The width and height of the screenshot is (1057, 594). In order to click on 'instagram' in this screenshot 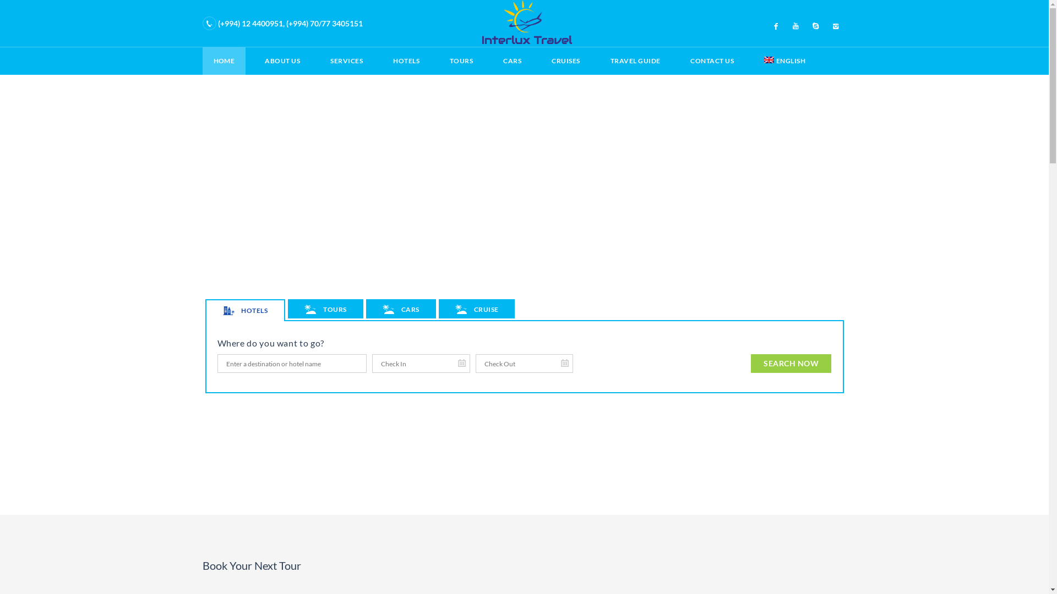, I will do `click(835, 25)`.